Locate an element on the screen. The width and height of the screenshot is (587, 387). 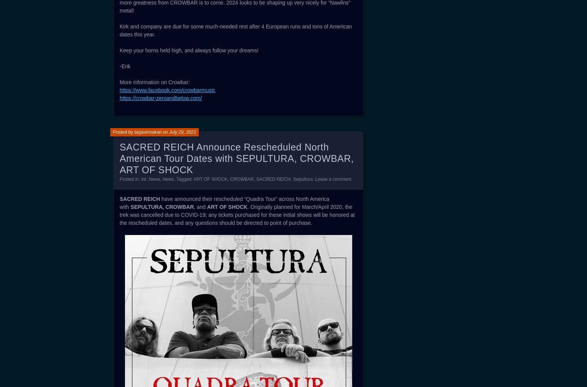
'SEPULTURA, CROWBAR' is located at coordinates (162, 207).